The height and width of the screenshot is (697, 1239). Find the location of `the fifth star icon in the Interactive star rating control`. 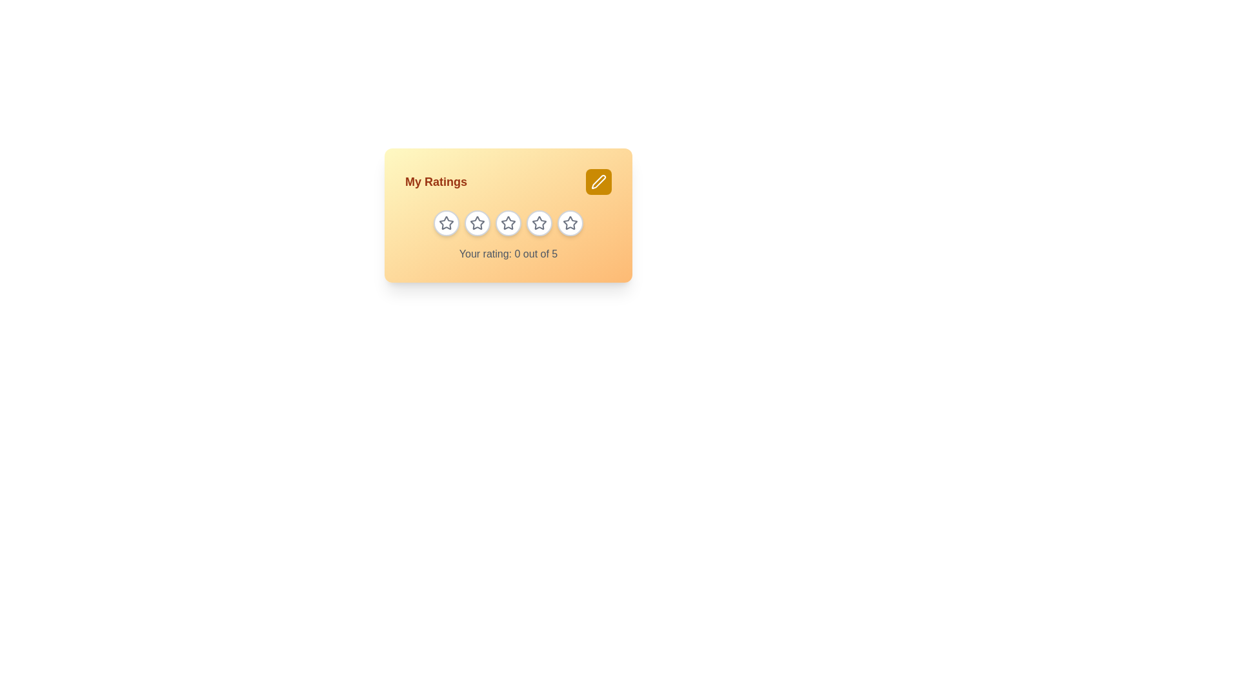

the fifth star icon in the Interactive star rating control is located at coordinates (569, 222).